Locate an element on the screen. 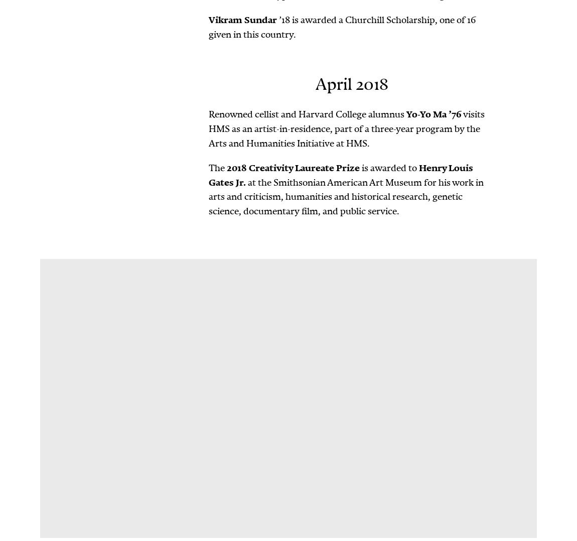  'visits HMS as an artist-in-residence, part of a three-year program by the Arts and Humanities Initiative at HMS.' is located at coordinates (346, 128).